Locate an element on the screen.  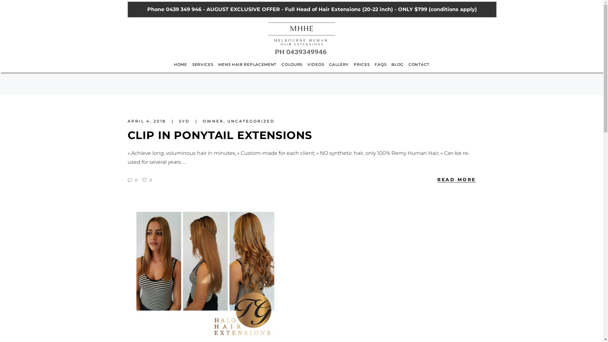
'CLIP IN PONYTAIL EXTENSIONS' is located at coordinates (219, 135).